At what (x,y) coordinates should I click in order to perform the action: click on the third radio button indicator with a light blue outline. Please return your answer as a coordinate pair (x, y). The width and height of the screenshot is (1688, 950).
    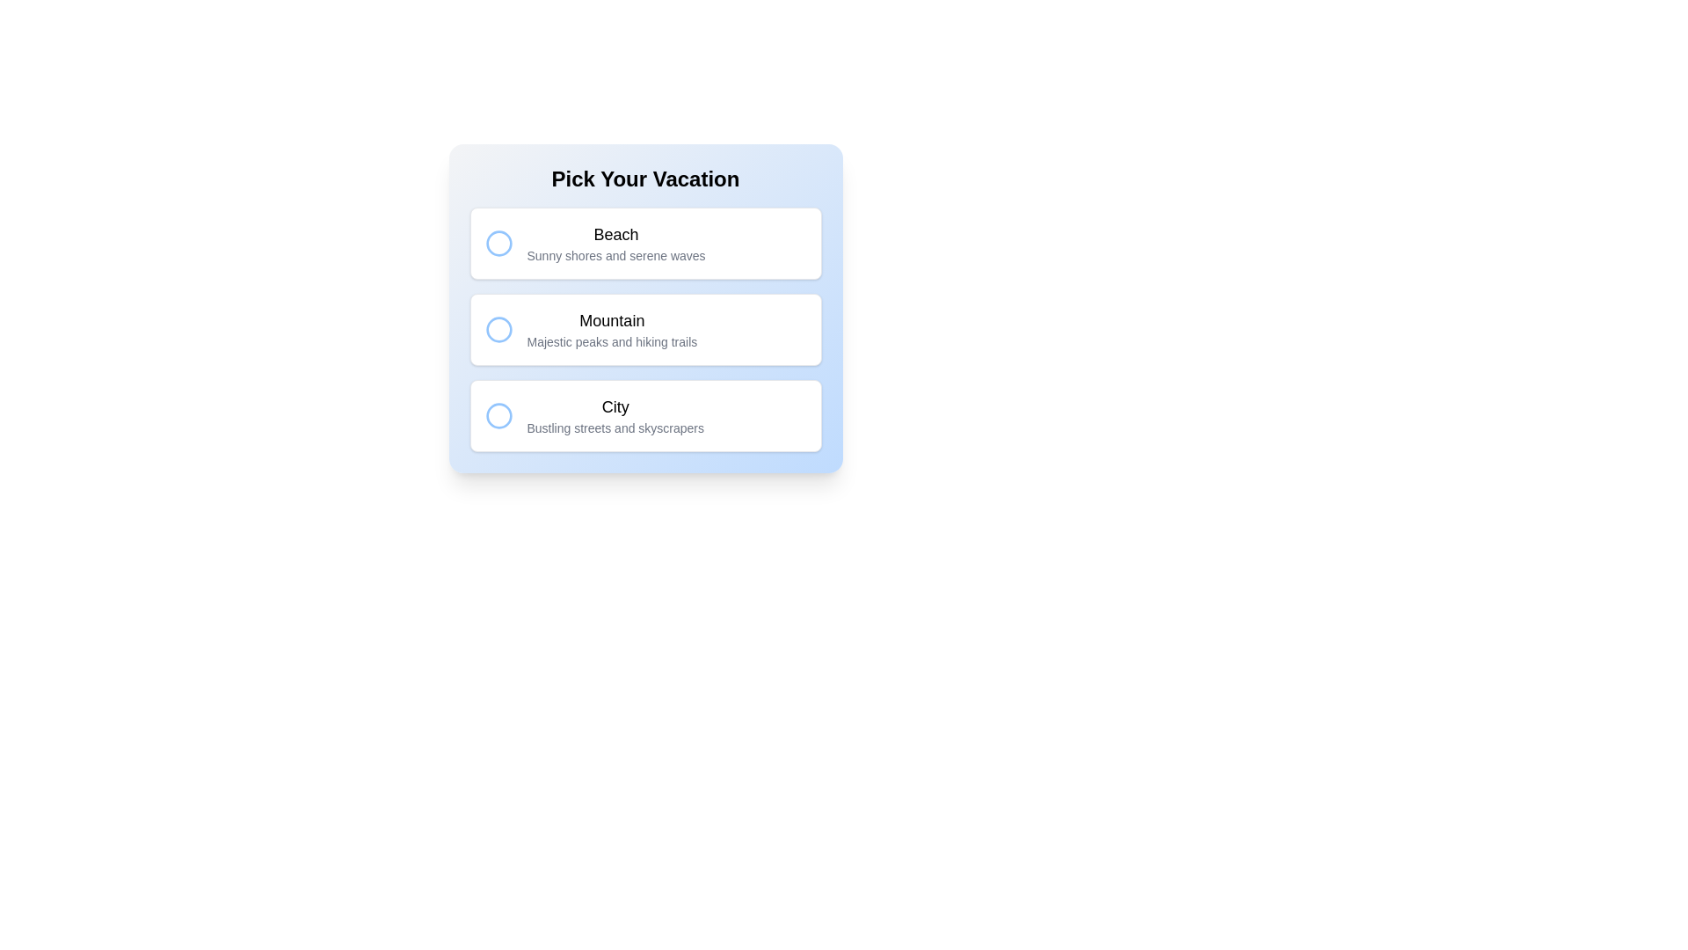
    Looking at the image, I should click on (498, 416).